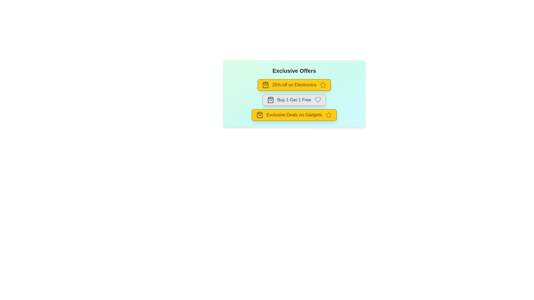  Describe the element at coordinates (294, 99) in the screenshot. I see `the offer chip corresponding to Buy 1 Get 1 Free to observe the visual feedback` at that location.